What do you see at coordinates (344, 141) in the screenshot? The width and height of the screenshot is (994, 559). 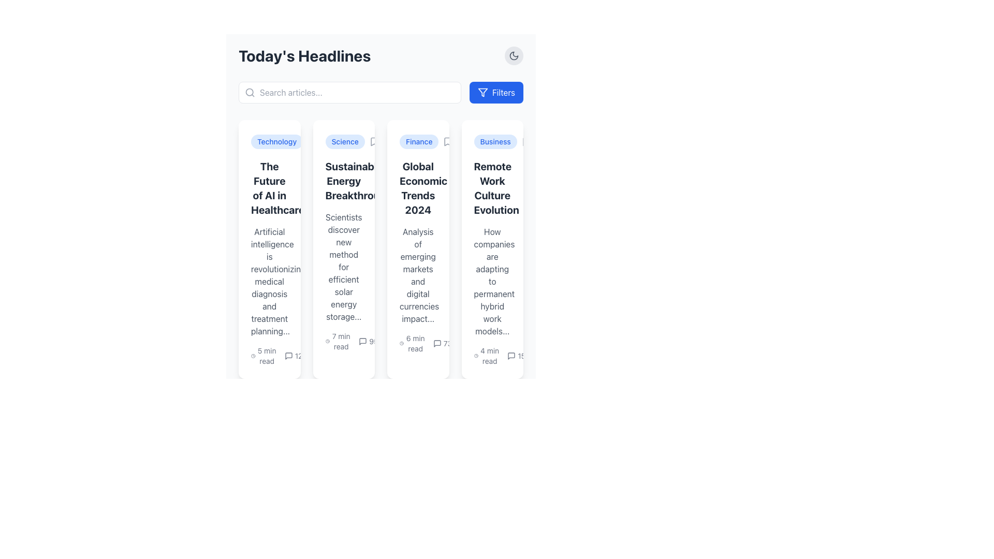 I see `the 'Science' label with a blue background and text, positioned at the top-left corner of the 'Sustainable Energy Breakthrough' card to filter content by this category` at bounding box center [344, 141].